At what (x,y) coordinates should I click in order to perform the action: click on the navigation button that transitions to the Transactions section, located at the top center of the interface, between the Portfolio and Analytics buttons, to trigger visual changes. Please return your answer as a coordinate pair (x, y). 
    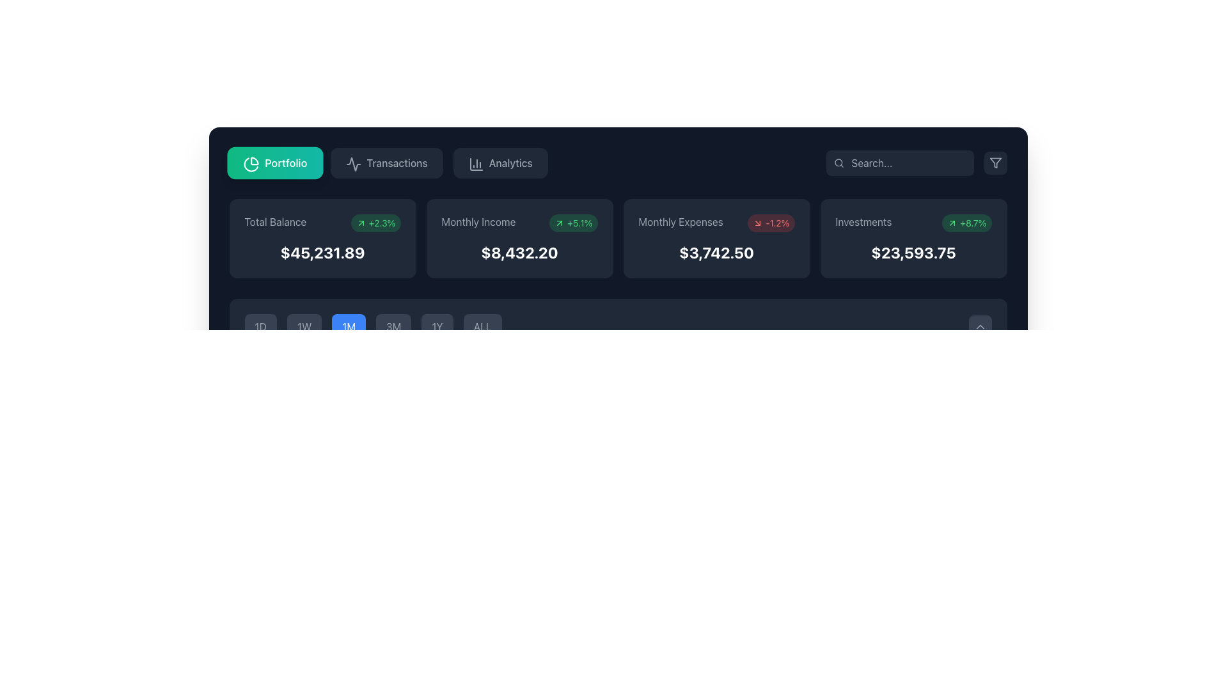
    Looking at the image, I should click on (386, 162).